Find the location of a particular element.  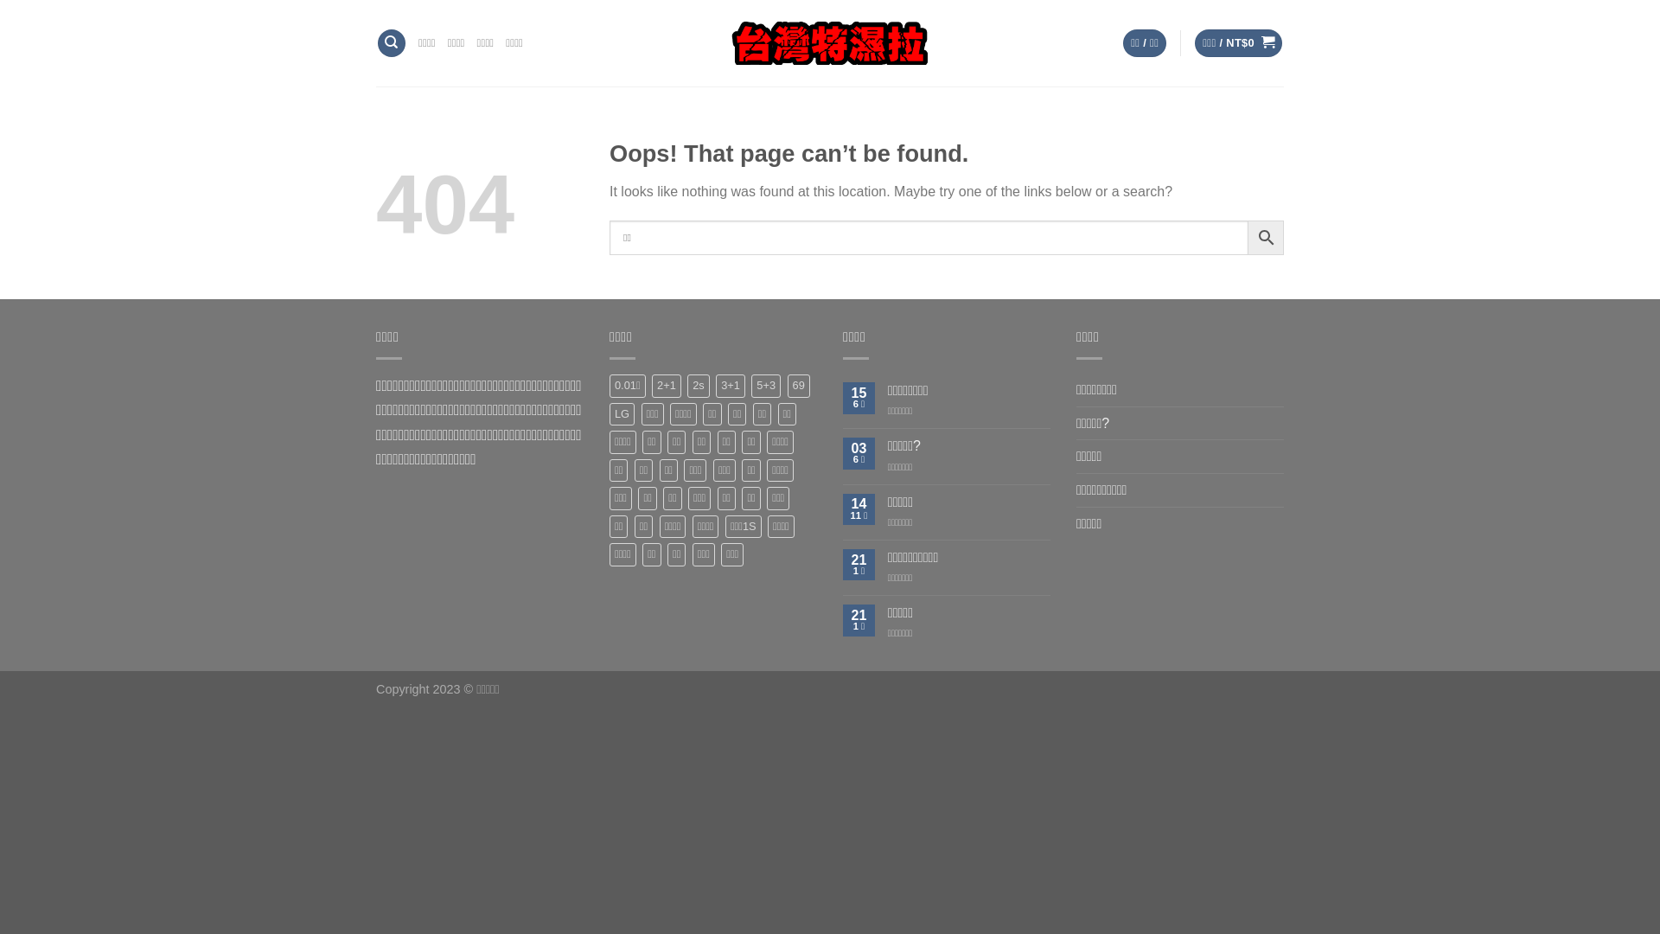

'5+3' is located at coordinates (765, 385).